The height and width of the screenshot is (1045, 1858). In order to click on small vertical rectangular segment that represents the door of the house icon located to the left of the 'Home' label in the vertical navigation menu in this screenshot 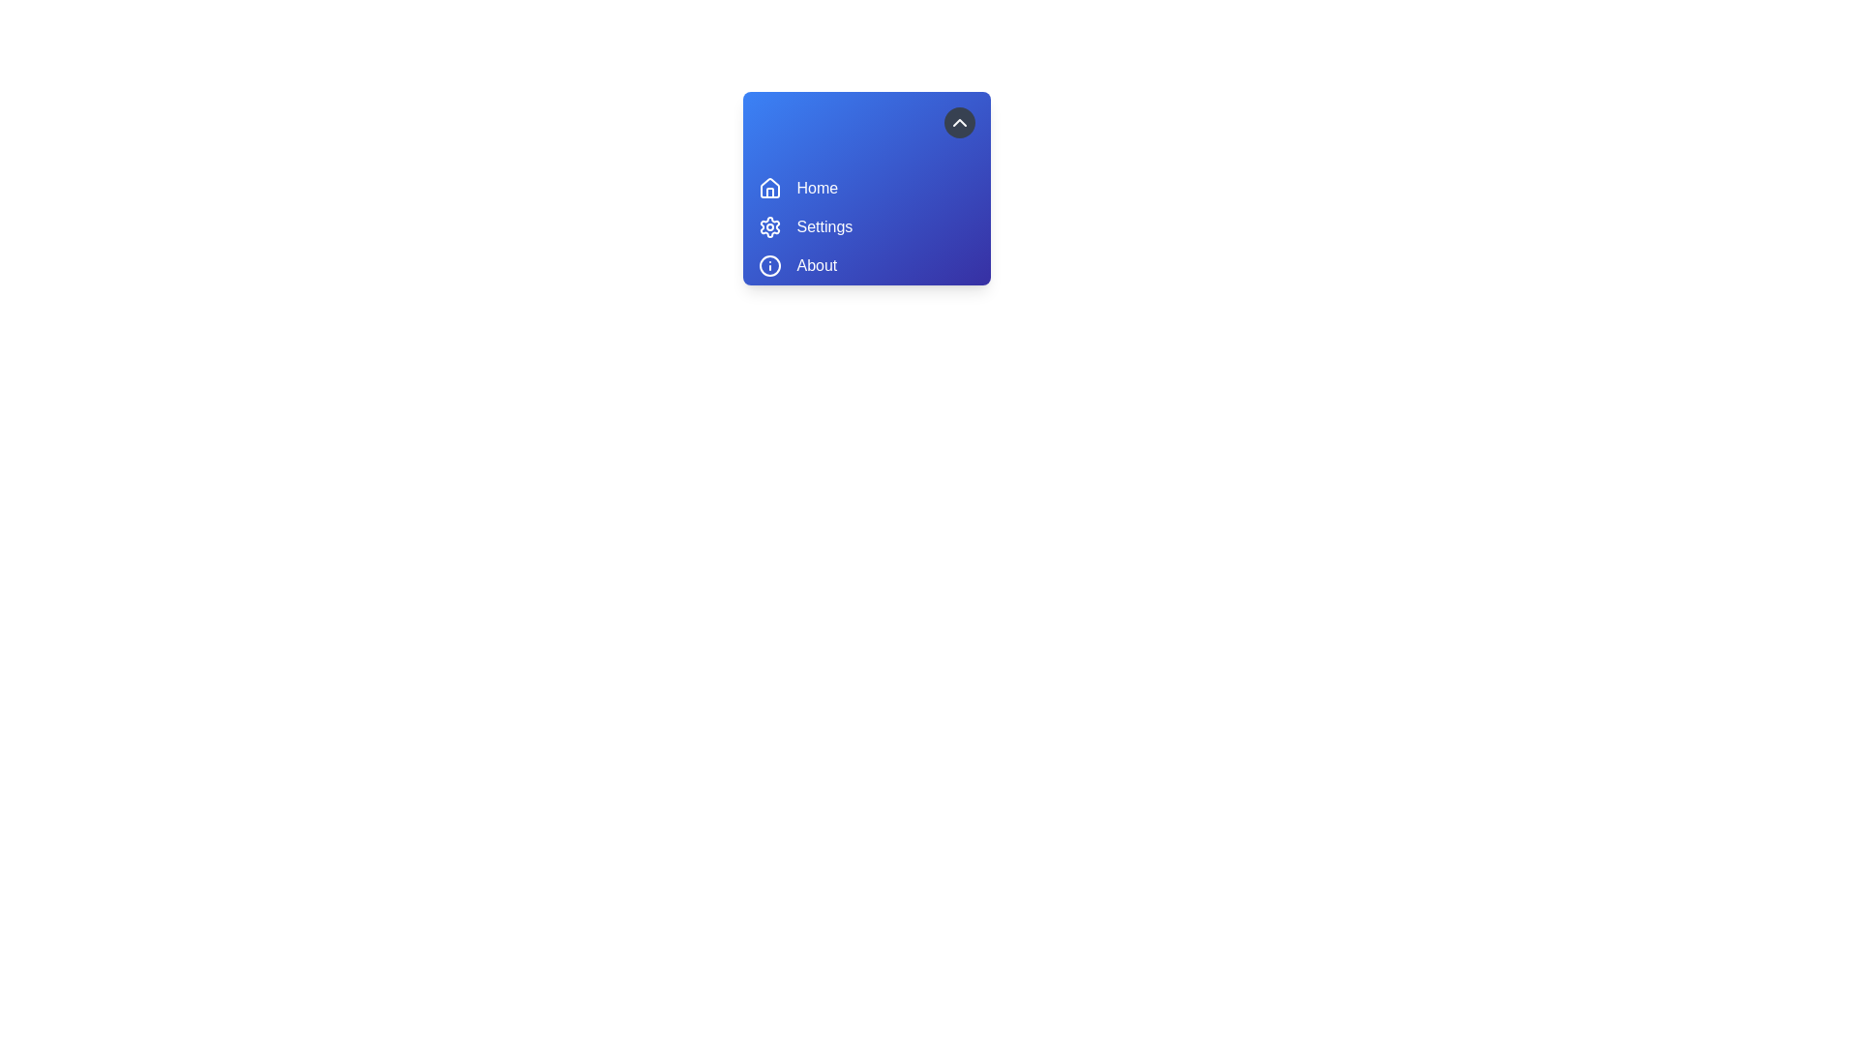, I will do `click(768, 193)`.